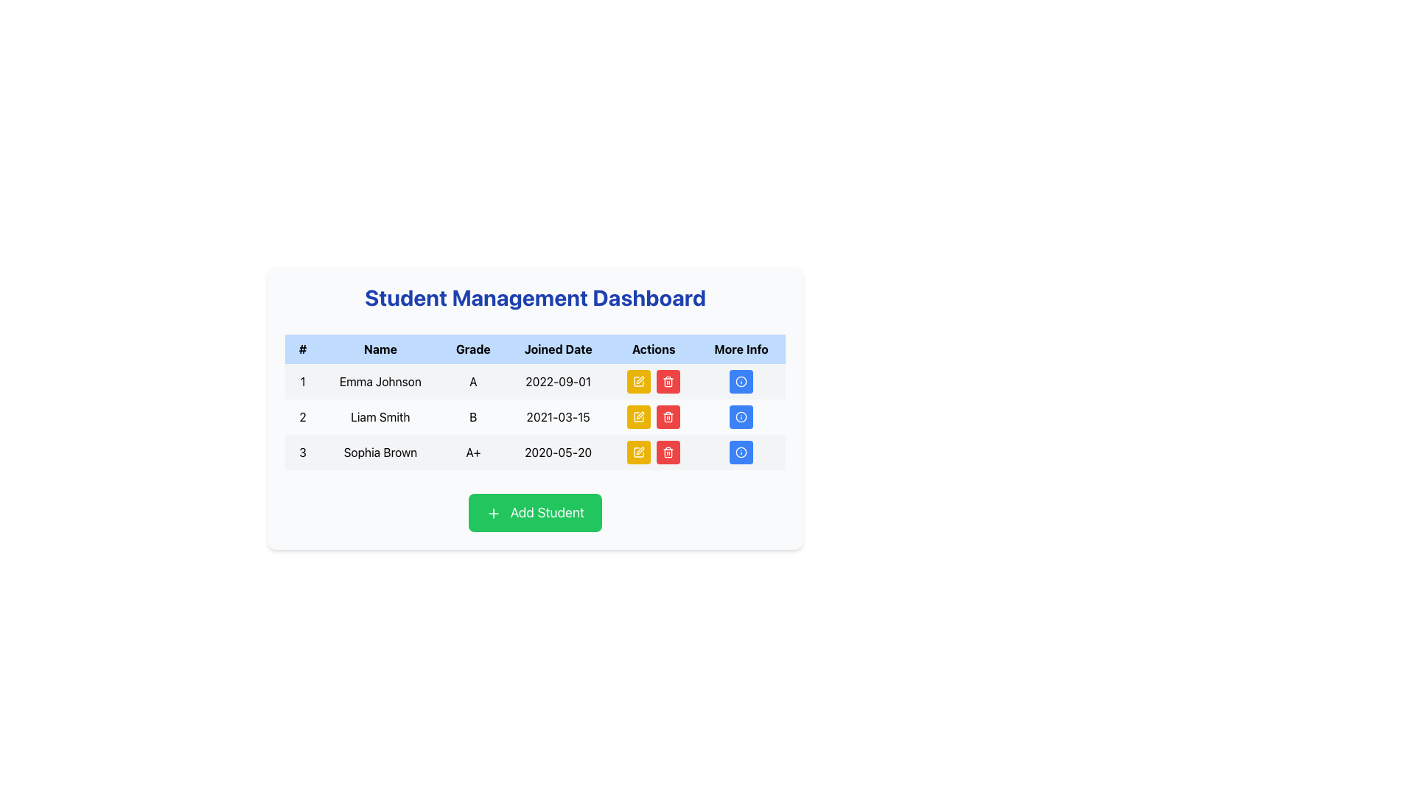 The height and width of the screenshot is (796, 1415). I want to click on the Table Header element displaying 'More Info' in bold black font, located at the right end of the header row with a light blue background, so click(741, 349).